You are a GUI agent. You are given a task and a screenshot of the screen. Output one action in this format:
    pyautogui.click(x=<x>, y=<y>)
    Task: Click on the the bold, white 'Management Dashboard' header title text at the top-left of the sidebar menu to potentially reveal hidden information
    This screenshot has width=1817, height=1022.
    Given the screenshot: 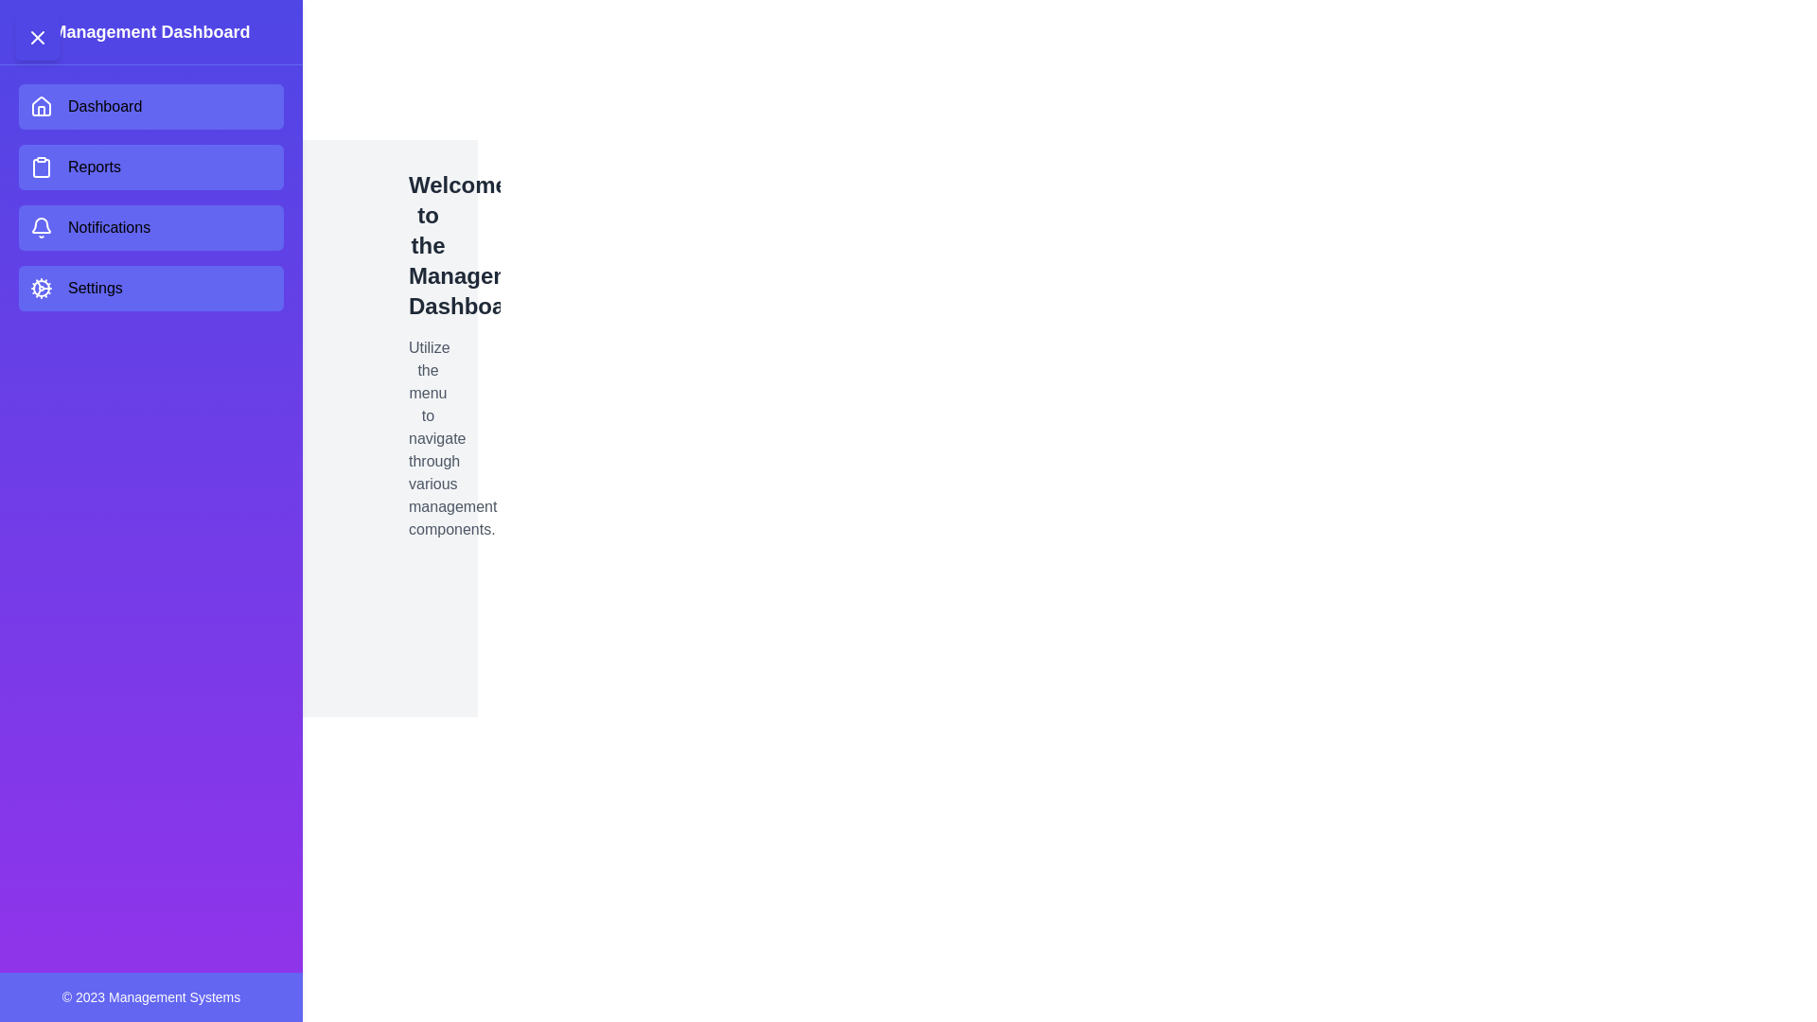 What is the action you would take?
    pyautogui.click(x=150, y=32)
    